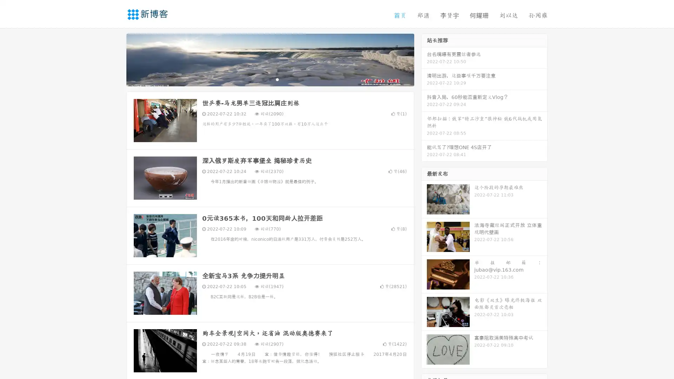 The image size is (674, 379). What do you see at coordinates (277, 79) in the screenshot?
I see `Go to slide 3` at bounding box center [277, 79].